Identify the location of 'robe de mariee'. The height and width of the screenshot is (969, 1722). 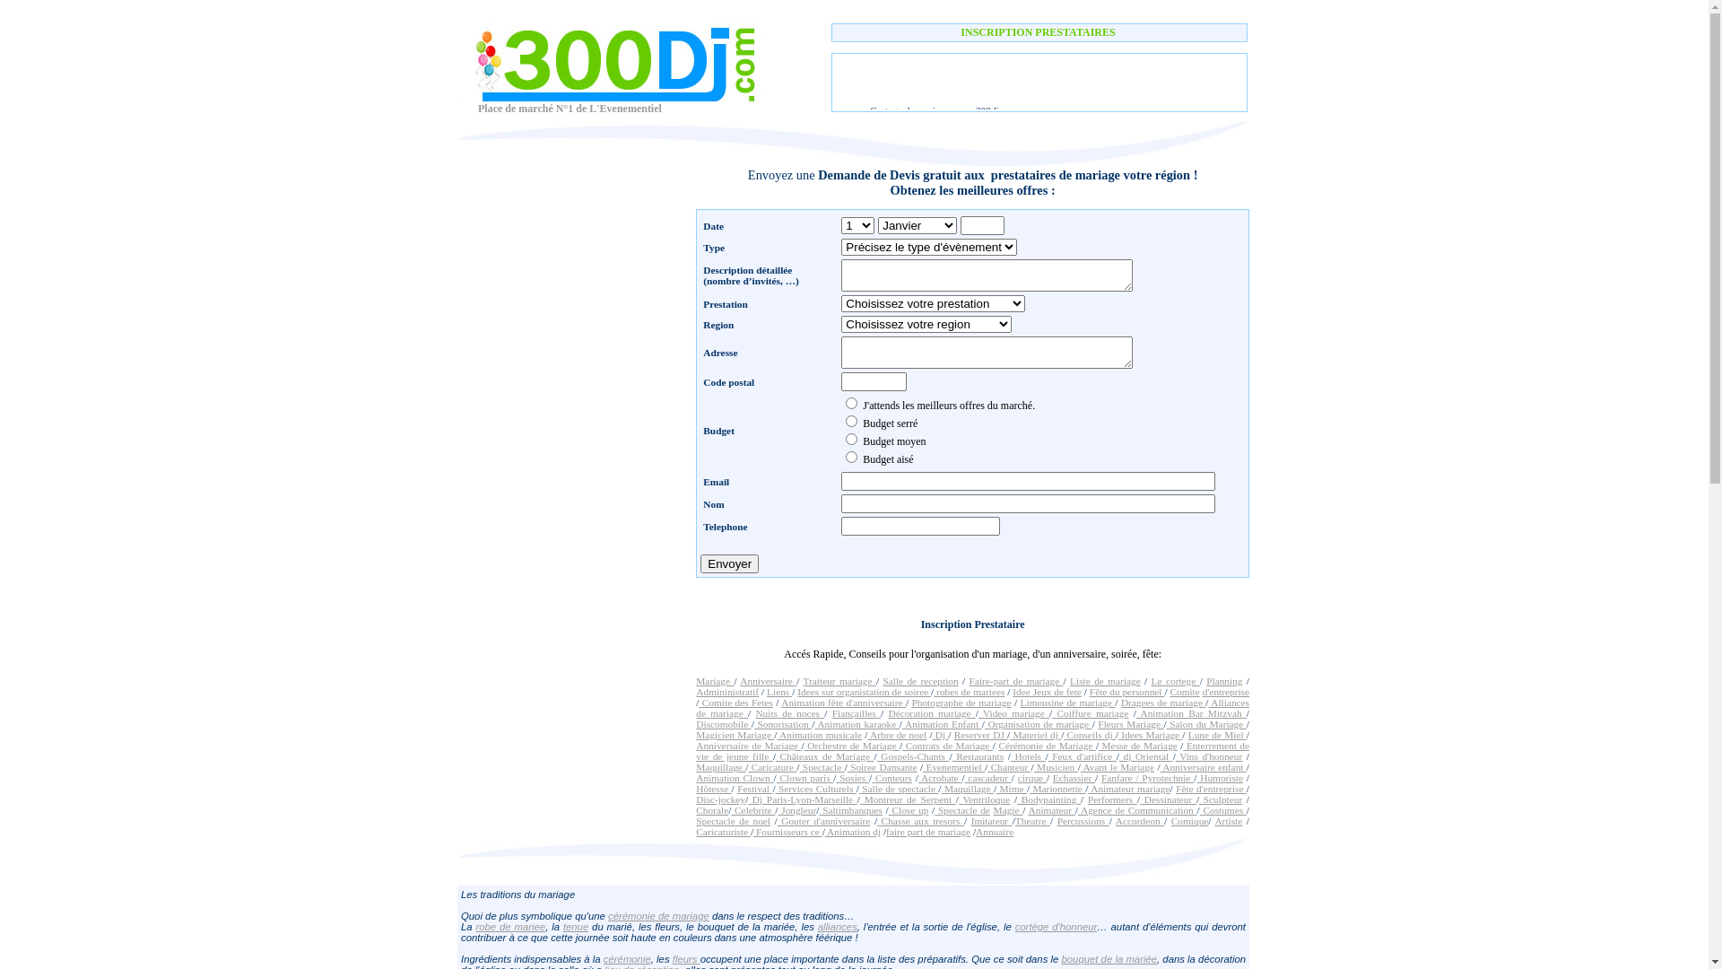
(509, 927).